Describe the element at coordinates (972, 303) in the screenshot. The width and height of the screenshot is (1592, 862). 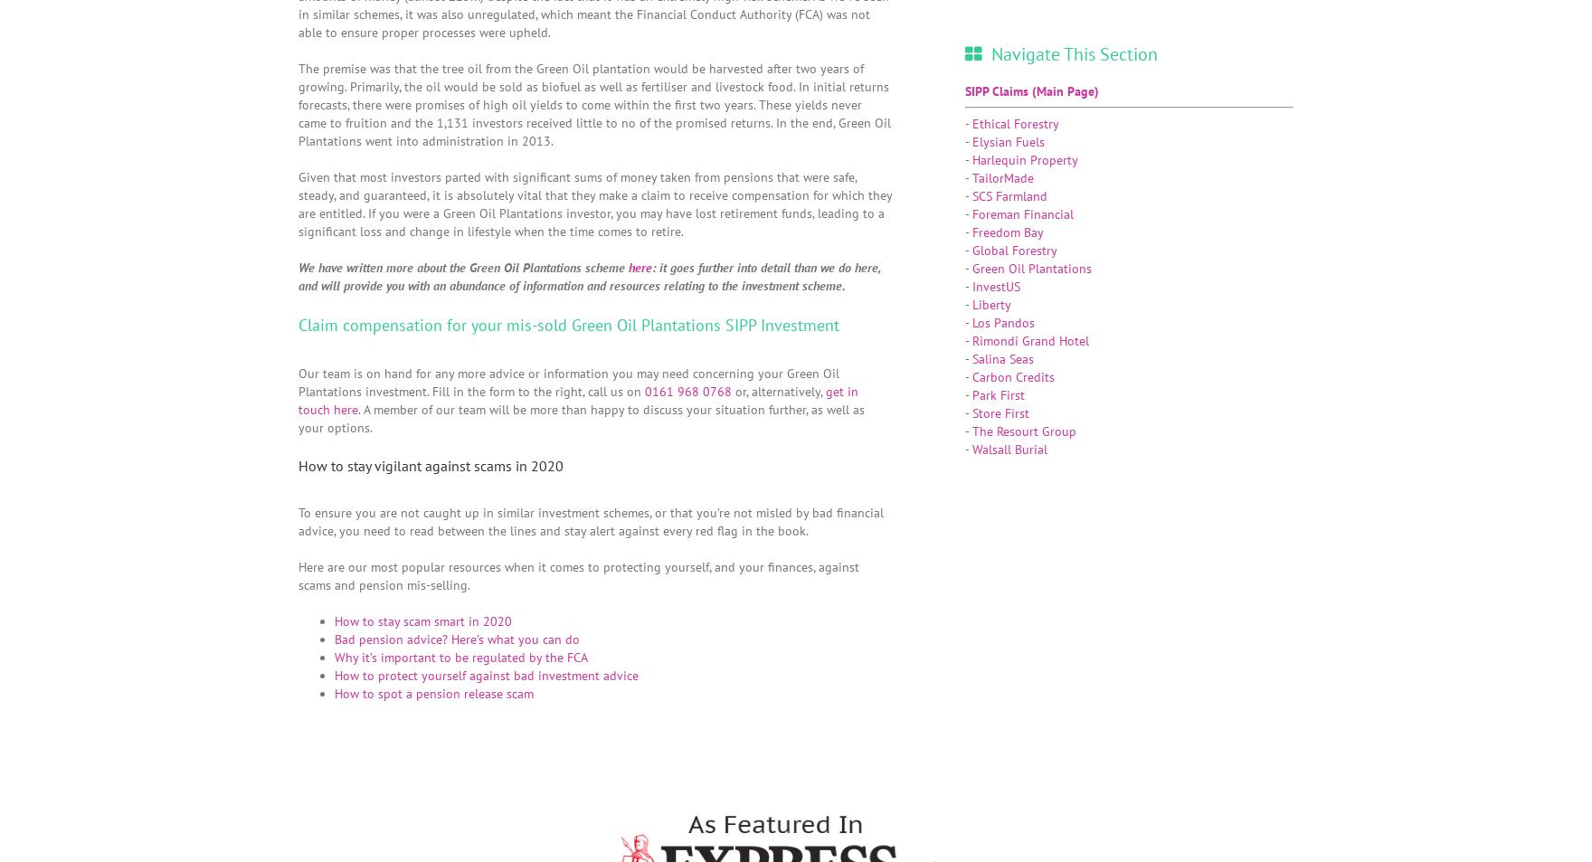
I see `'Liberty'` at that location.